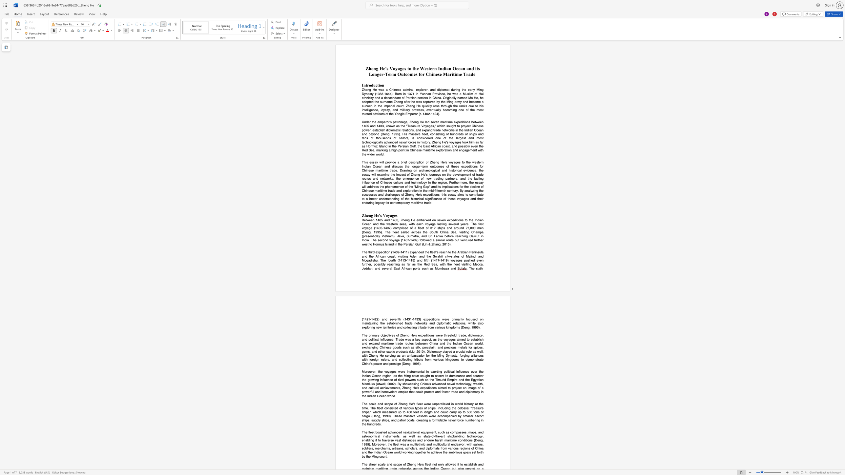  Describe the element at coordinates (407, 375) in the screenshot. I see `the subset text "ng court sought to assert its dominance and counter the growing influence of rival powers such as the Timurid Em" within the text "Moreover, the voyages were instrumental in exerting political influence over the Indian Ocean region, as the Ming court sought to assert its dominance and counter the growing influence of rival powers such as the Timurid Empire and the Egyptian Mamluks (Atwell, 2002). By"` at that location.